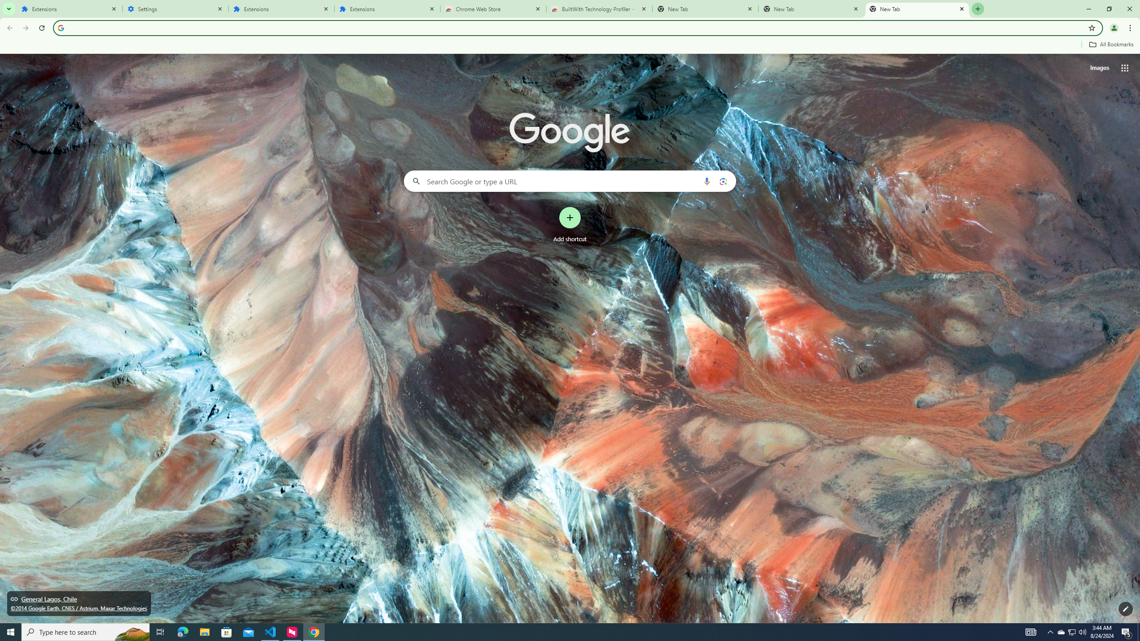 Image resolution: width=1140 pixels, height=641 pixels. What do you see at coordinates (570, 225) in the screenshot?
I see `'Add shortcut'` at bounding box center [570, 225].